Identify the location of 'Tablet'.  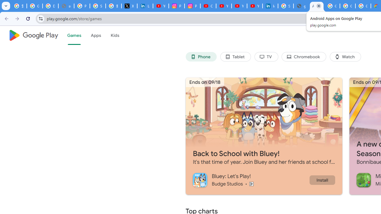
(235, 57).